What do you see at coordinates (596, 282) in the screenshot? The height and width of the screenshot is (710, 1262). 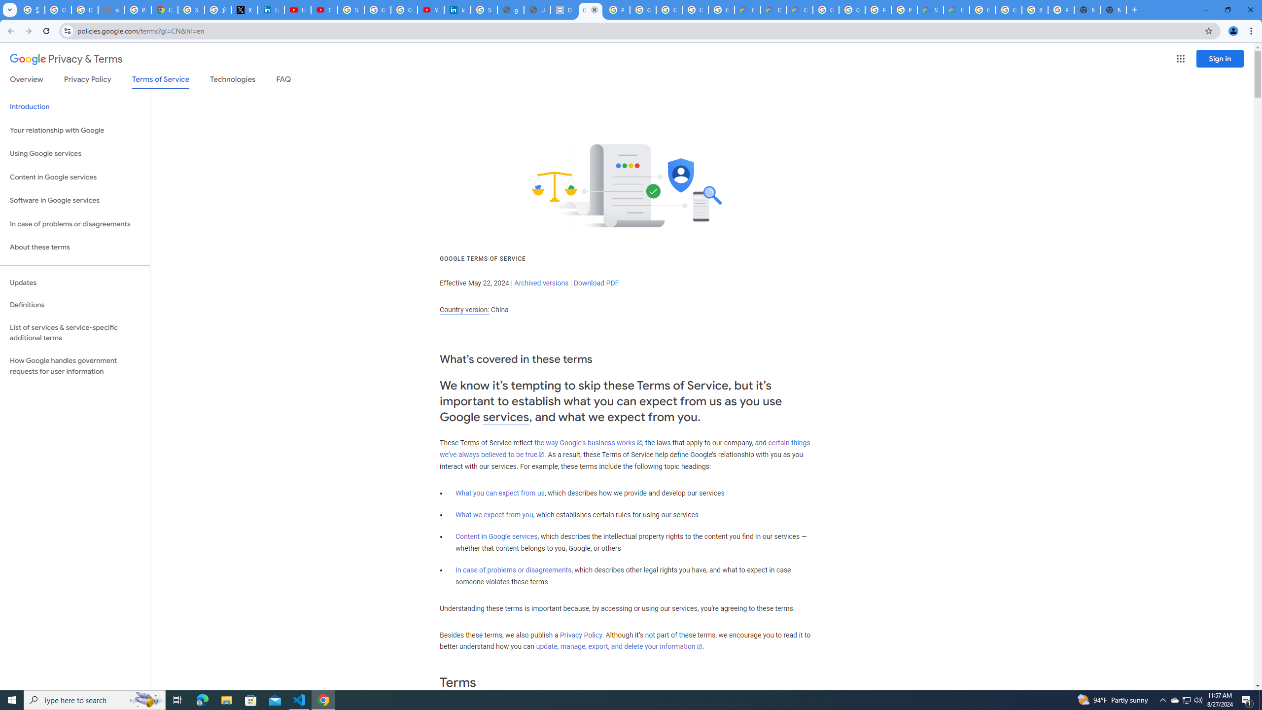 I see `'Download PDF'` at bounding box center [596, 282].